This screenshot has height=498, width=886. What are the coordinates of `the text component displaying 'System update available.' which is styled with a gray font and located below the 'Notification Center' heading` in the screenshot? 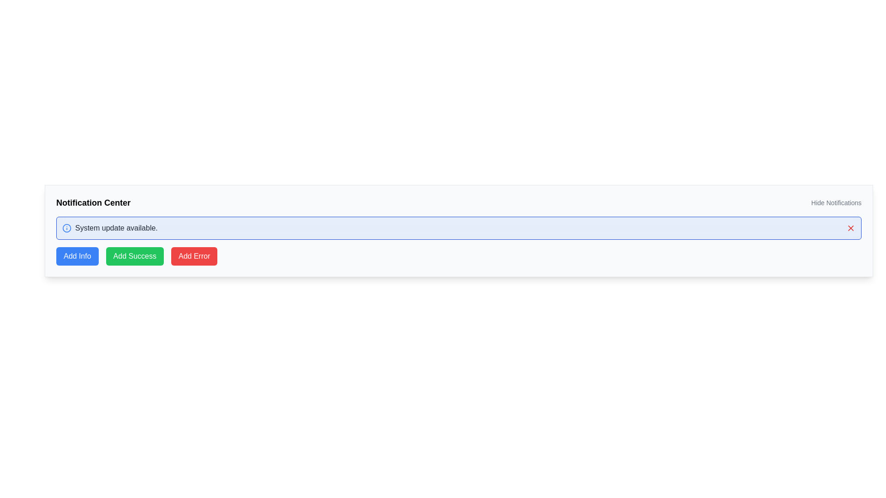 It's located at (110, 228).